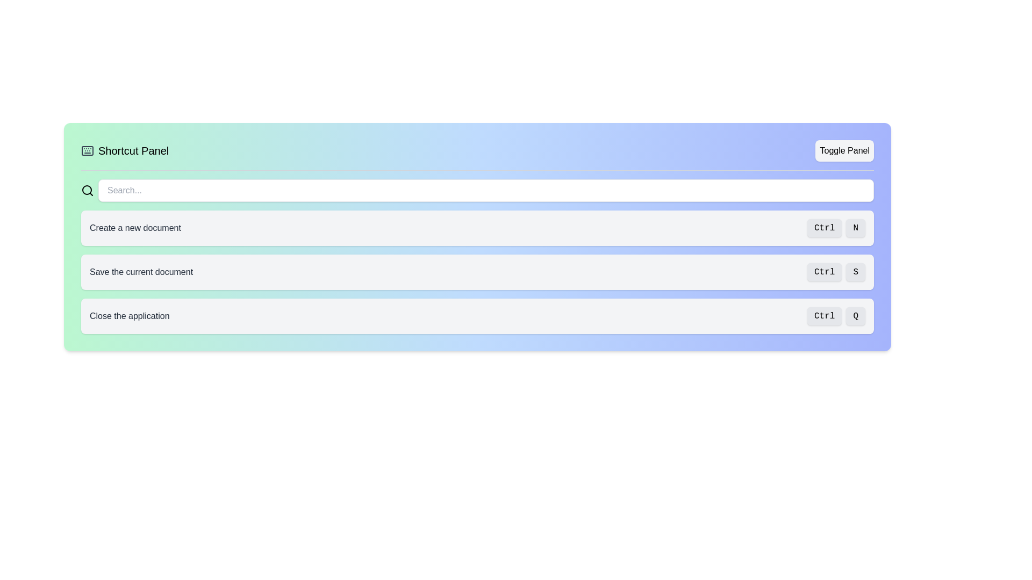  What do you see at coordinates (87, 190) in the screenshot?
I see `the central circular part of the magnifying glass icon, located to the left of the search input field in the Shortcut Panel` at bounding box center [87, 190].